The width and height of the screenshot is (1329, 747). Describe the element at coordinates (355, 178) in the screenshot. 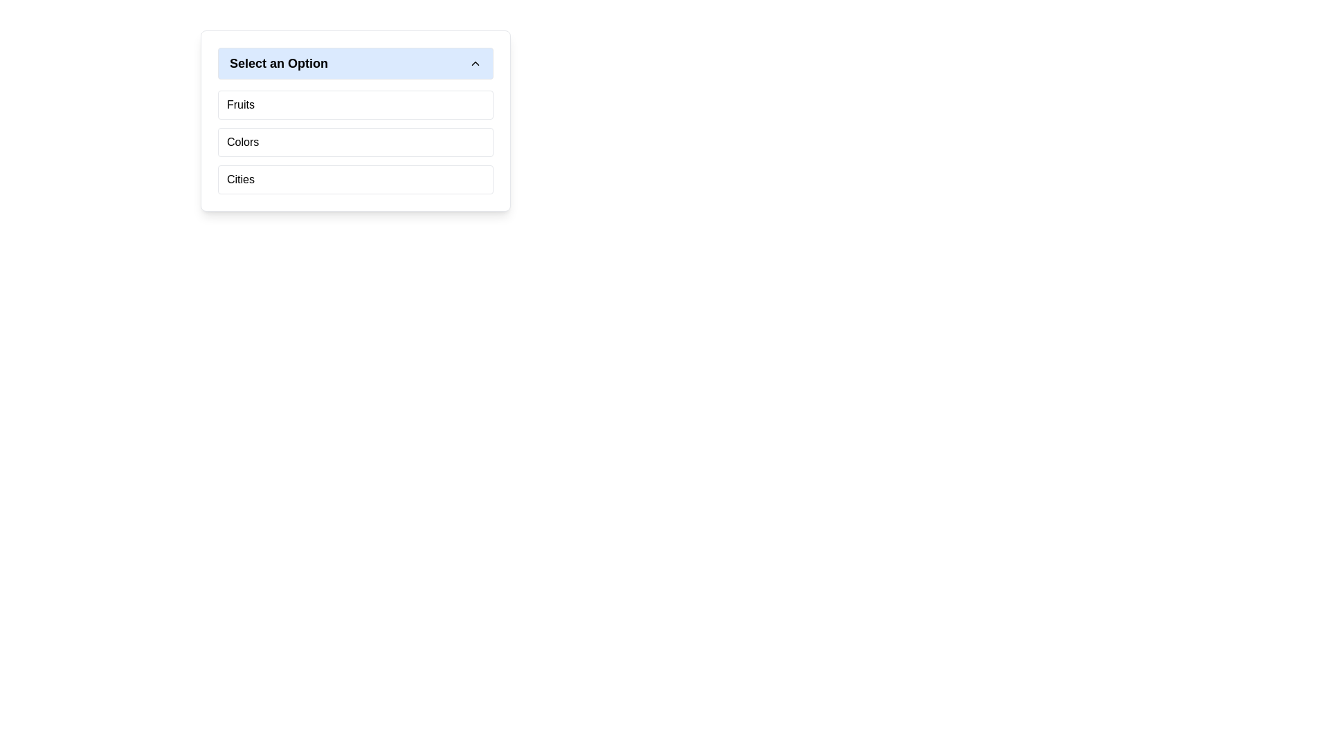

I see `the 'Cities' option in the dropdown list, which is the third item below 'Colors' and 'Fruits' in the 'Select an Option' menu` at that location.